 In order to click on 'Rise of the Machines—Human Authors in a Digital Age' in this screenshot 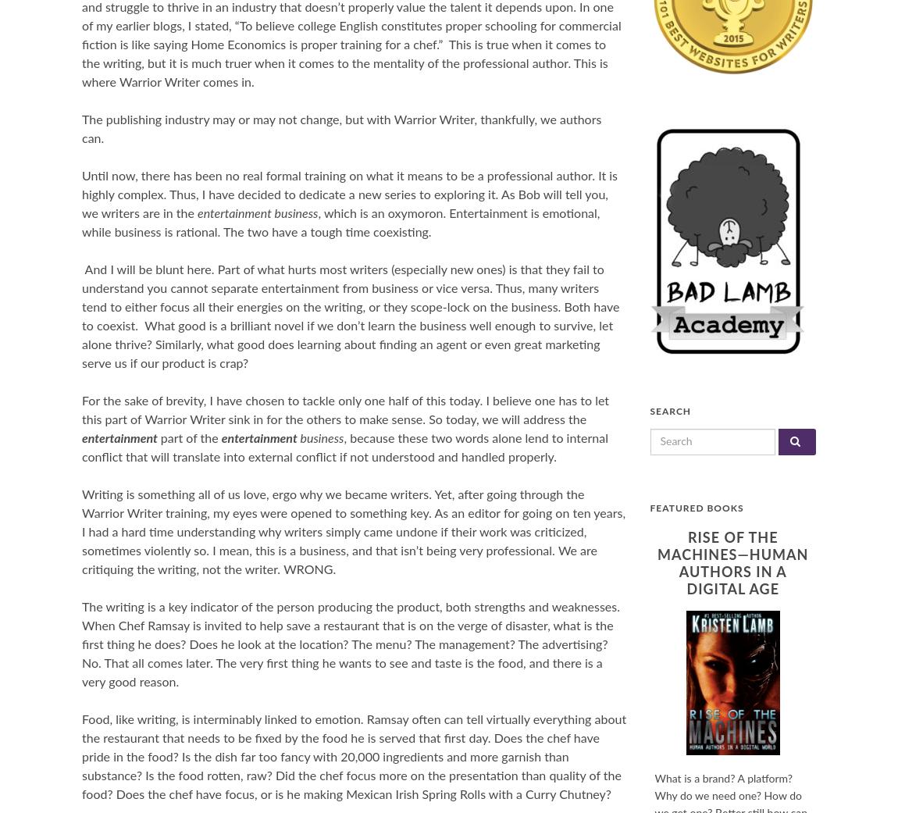, I will do `click(732, 563)`.